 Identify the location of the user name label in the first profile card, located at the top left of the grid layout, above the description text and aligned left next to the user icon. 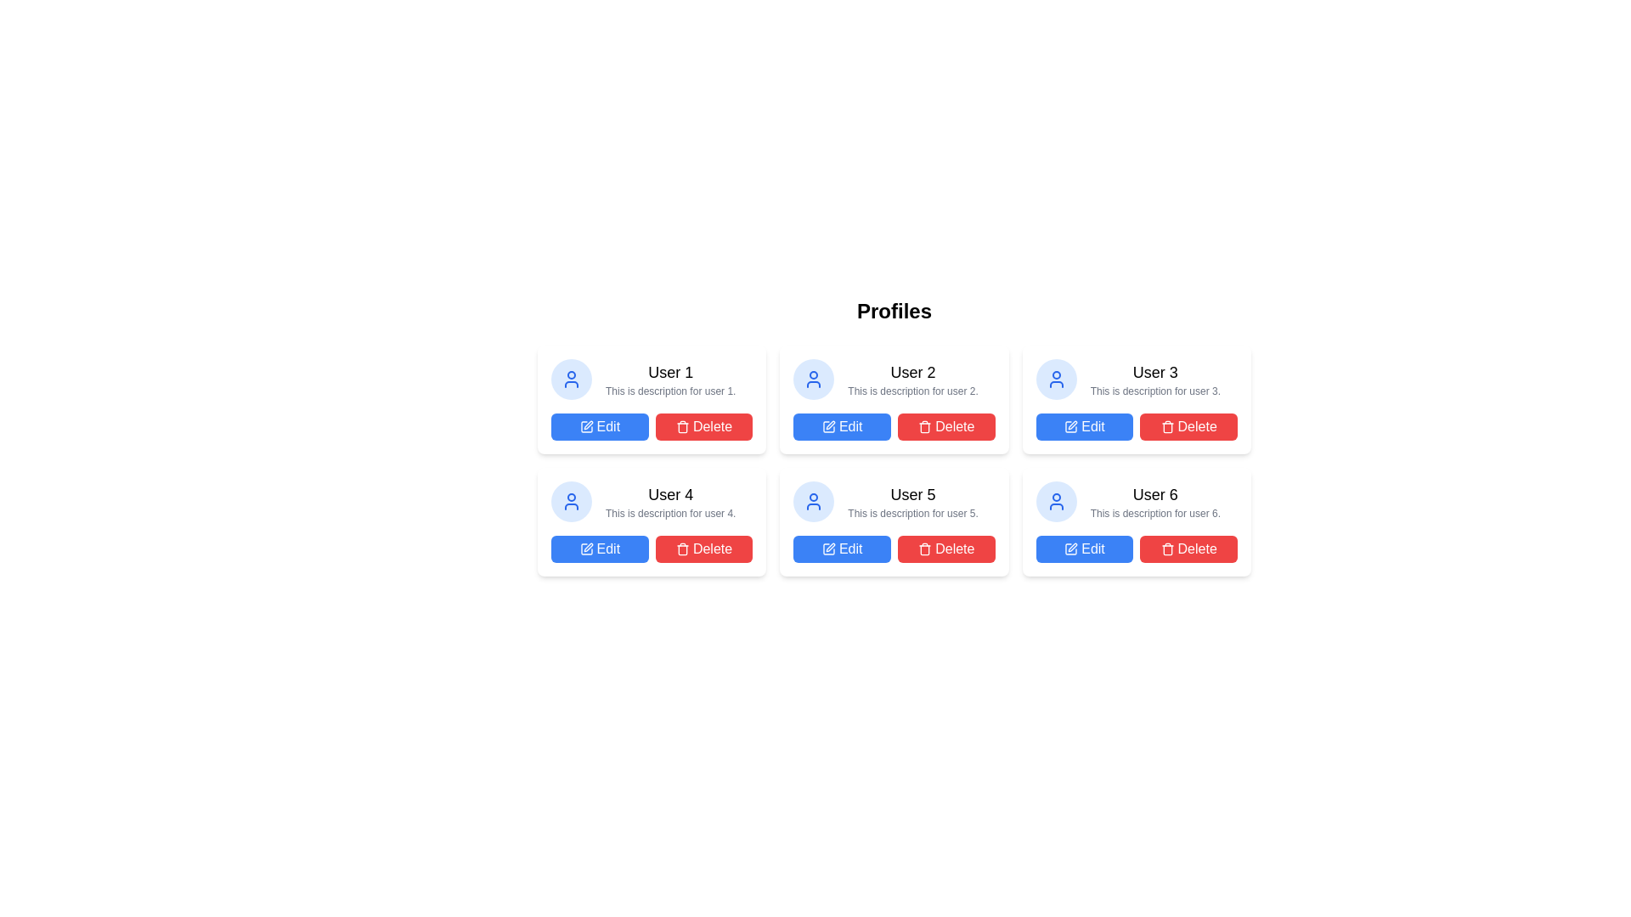
(669, 372).